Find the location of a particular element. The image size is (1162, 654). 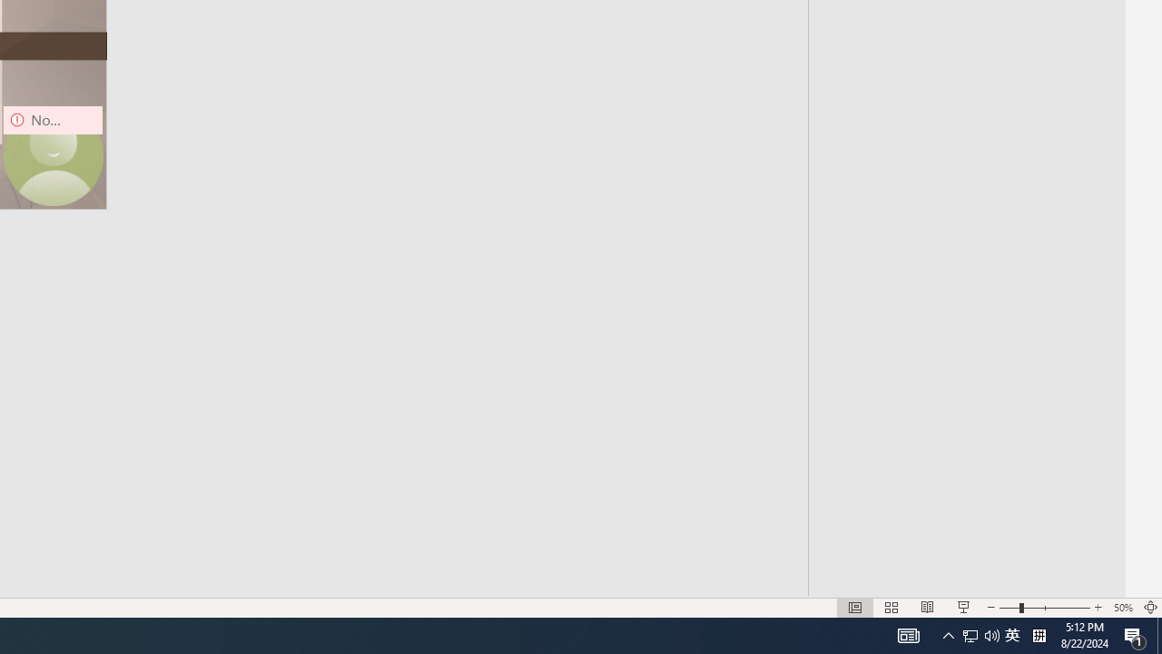

'Zoom 50%' is located at coordinates (1122, 608).